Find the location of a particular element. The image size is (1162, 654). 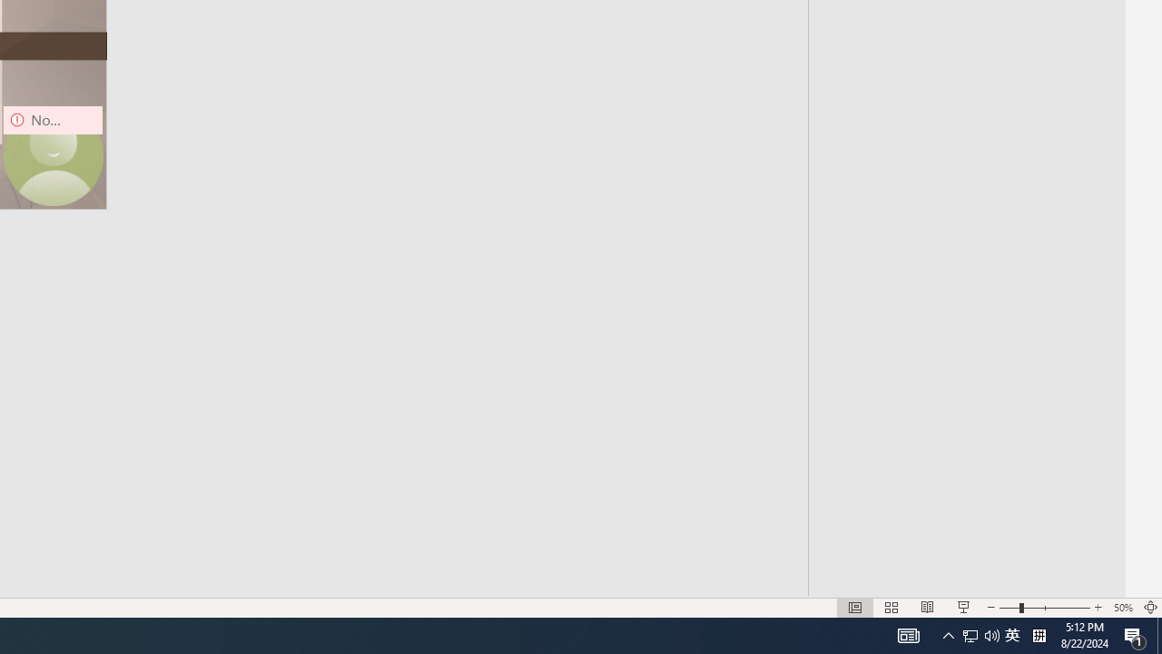

'Zoom 50%' is located at coordinates (1122, 608).